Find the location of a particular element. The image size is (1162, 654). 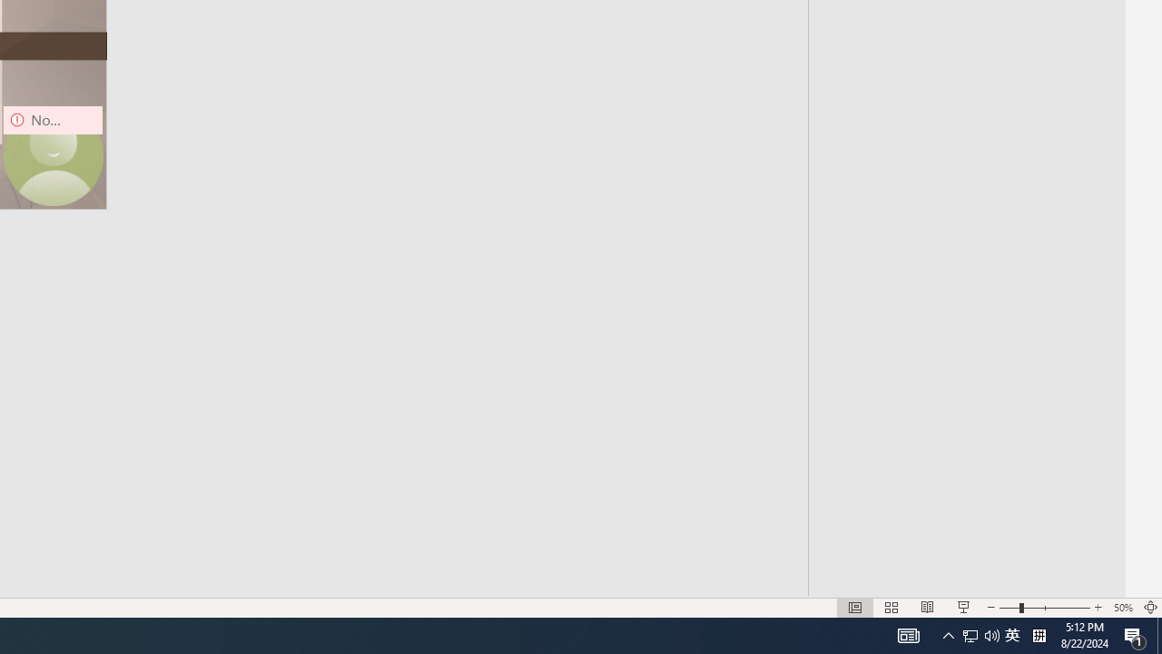

'Zoom 50%' is located at coordinates (1122, 608).